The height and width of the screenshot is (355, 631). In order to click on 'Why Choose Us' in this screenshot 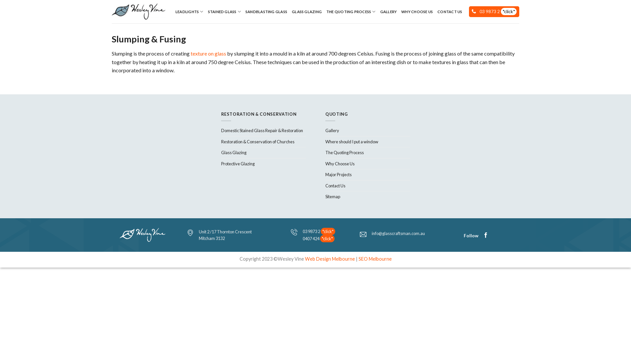, I will do `click(340, 163)`.